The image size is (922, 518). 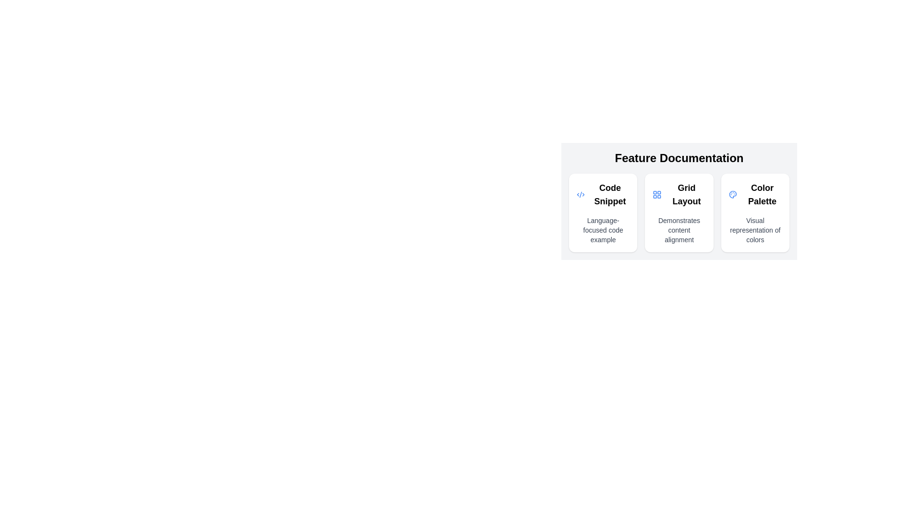 I want to click on descriptive text block located below the main heading of the 'Grid Layout' section, so click(x=679, y=230).